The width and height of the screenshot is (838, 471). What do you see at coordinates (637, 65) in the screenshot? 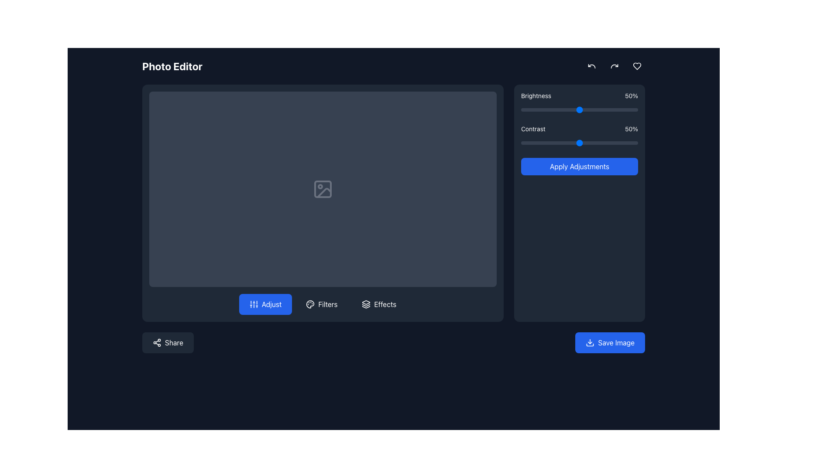
I see `the small circular button with a heart icon at its center in the top-right corner of the button group` at bounding box center [637, 65].